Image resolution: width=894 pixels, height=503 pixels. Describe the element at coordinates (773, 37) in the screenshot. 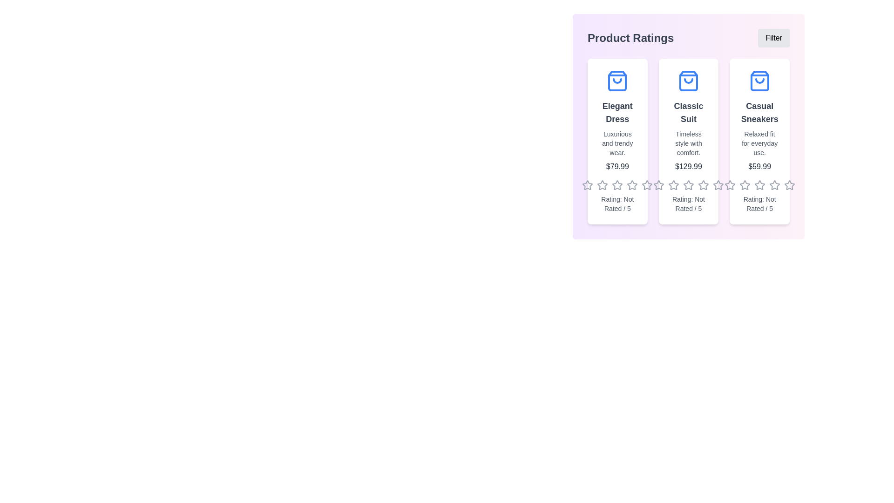

I see `the filter button to adjust the displayed items` at that location.